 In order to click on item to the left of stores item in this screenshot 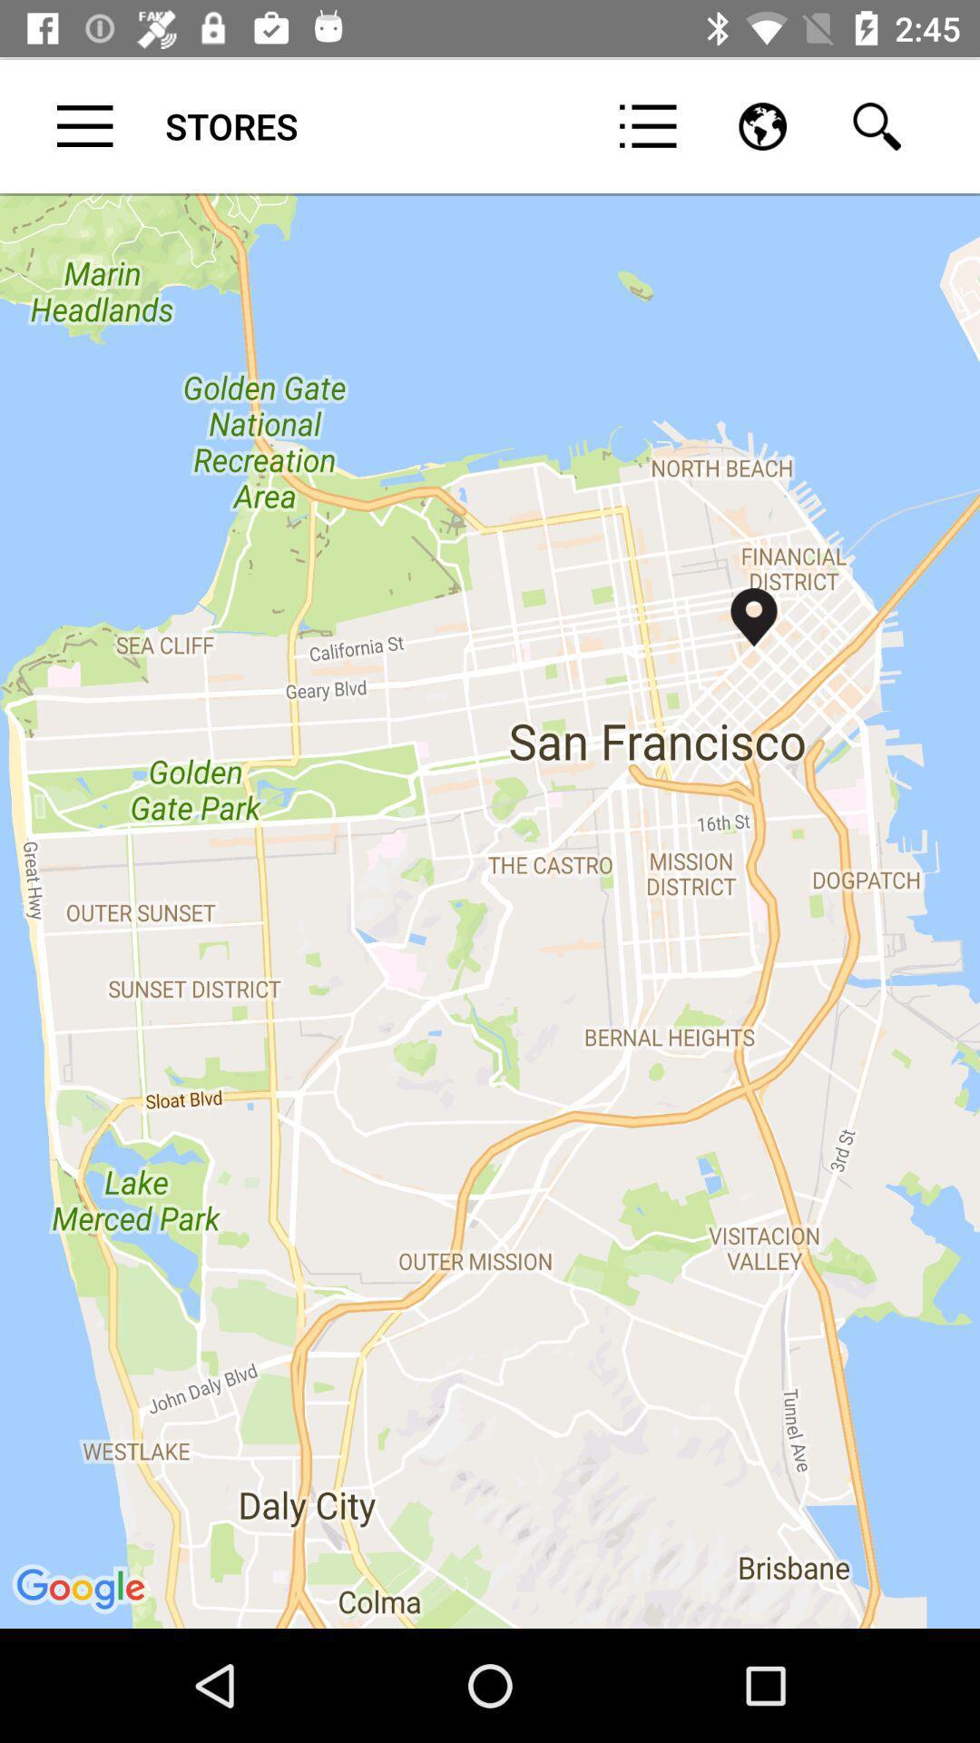, I will do `click(84, 125)`.